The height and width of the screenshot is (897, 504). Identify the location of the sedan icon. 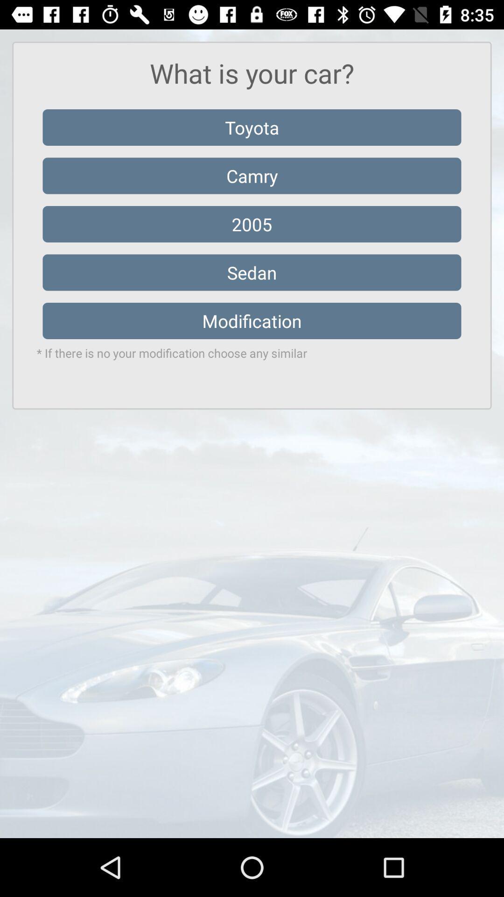
(252, 272).